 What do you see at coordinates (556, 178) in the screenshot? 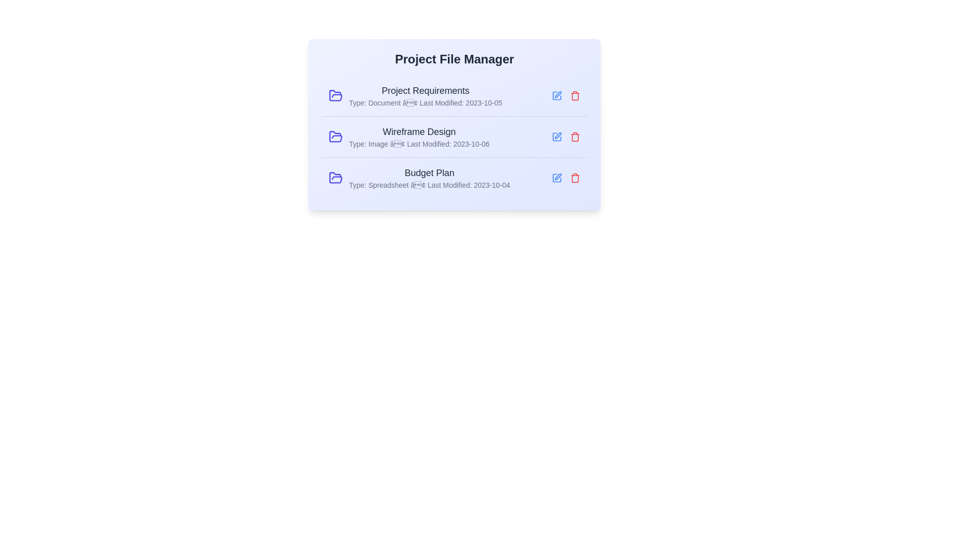
I see `the Edit button for the file Budget Plan` at bounding box center [556, 178].